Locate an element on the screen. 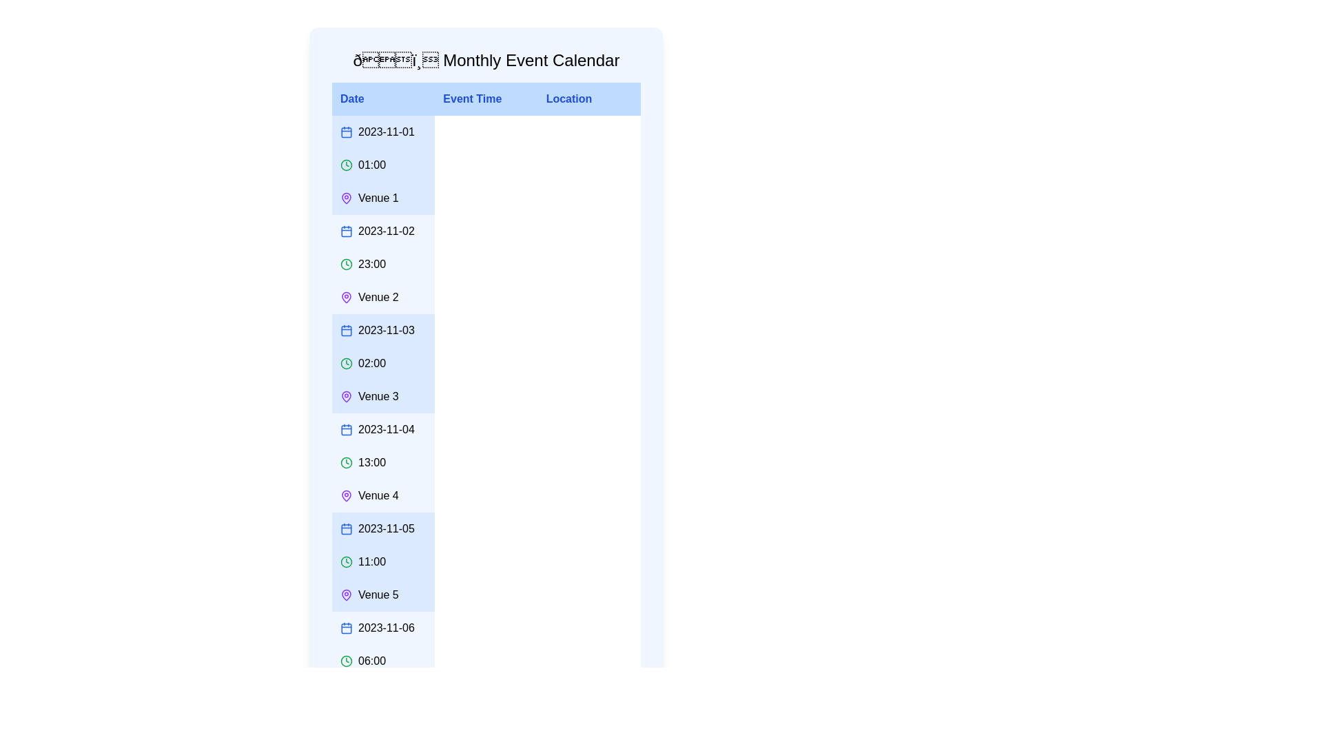 The height and width of the screenshot is (744, 1323). the row corresponding to the event on 2023-11-01 is located at coordinates (486, 164).